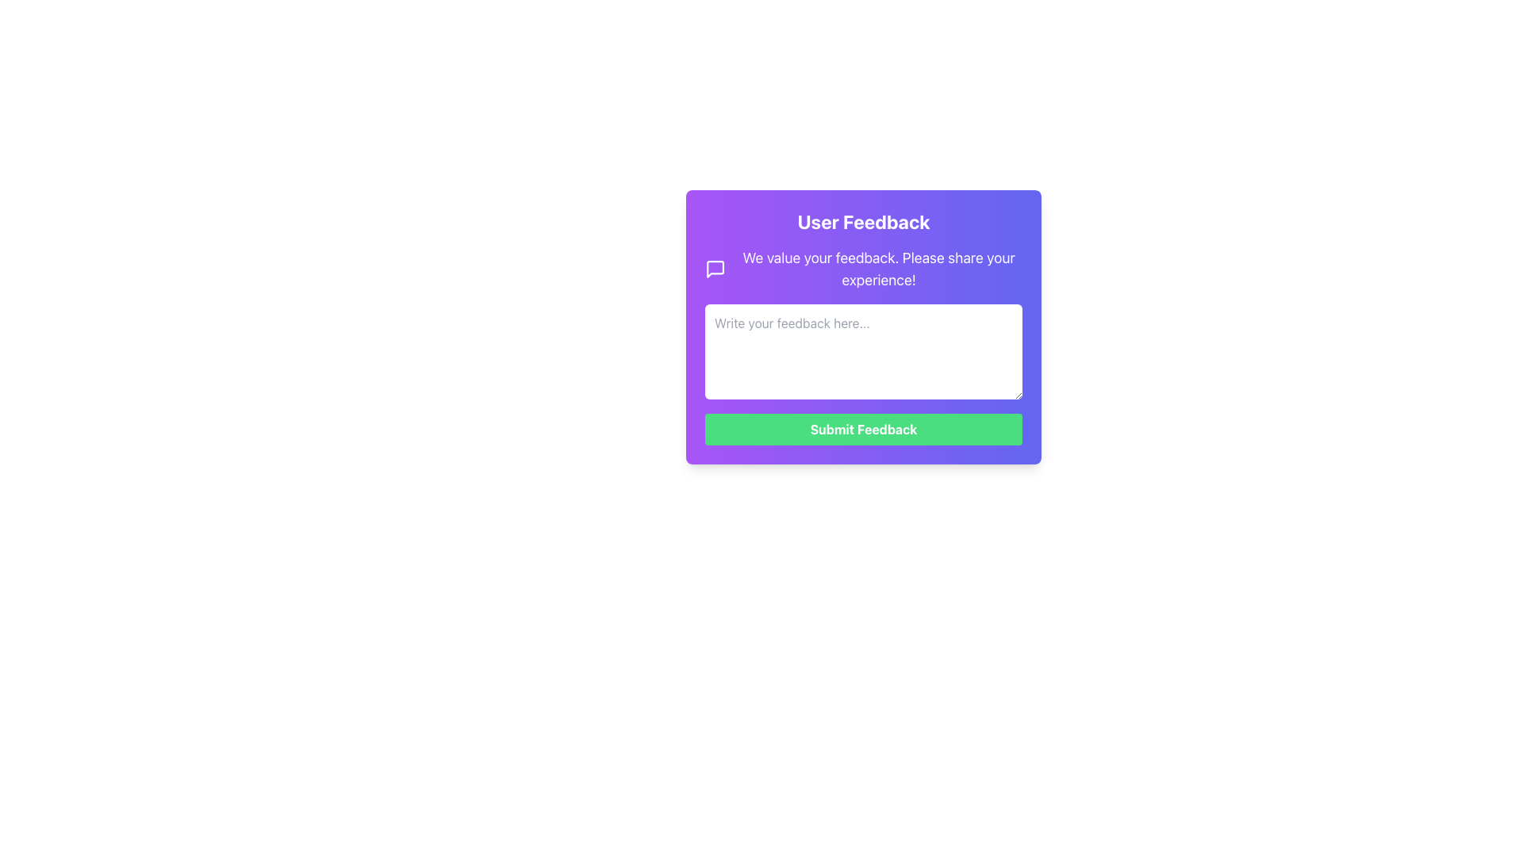  Describe the element at coordinates (715, 268) in the screenshot. I see `the messaging feedback icon located at the top-left side of the purple feedback form, adjacent to the text 'We value your feedback. Please share your experience!'` at that location.